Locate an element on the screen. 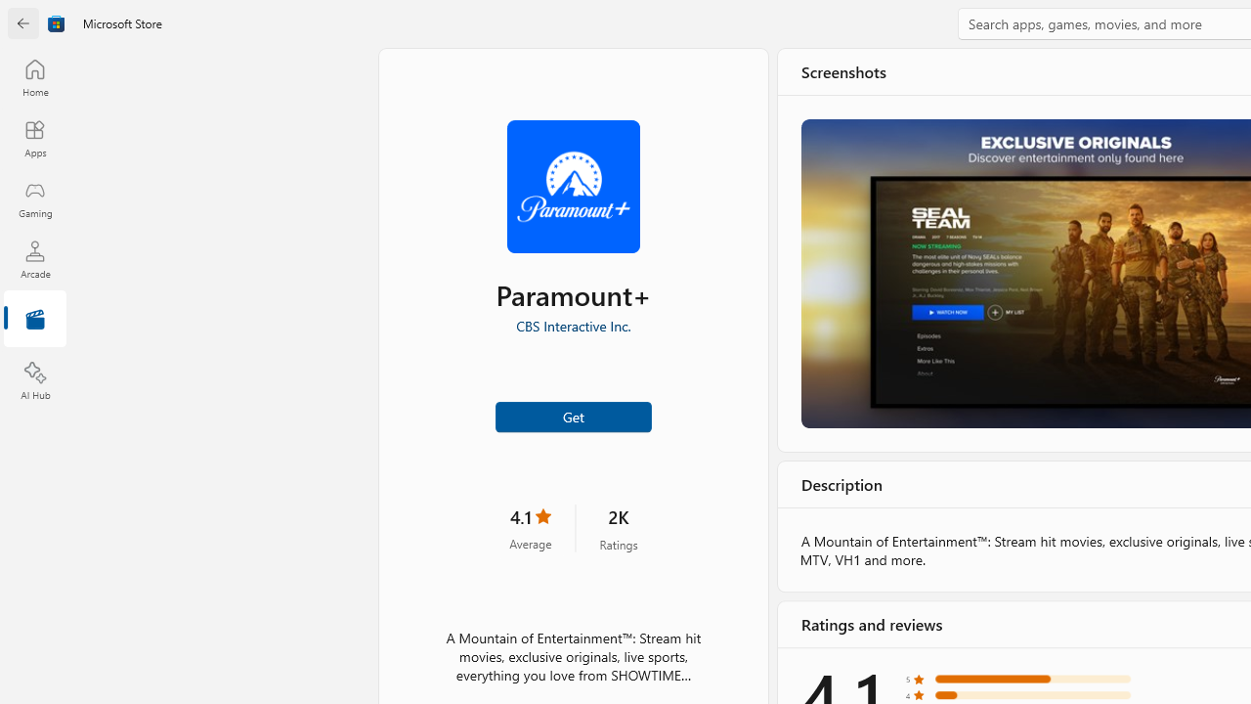 The height and width of the screenshot is (704, 1251). 'CBS Interactive Inc.' is located at coordinates (572, 325).